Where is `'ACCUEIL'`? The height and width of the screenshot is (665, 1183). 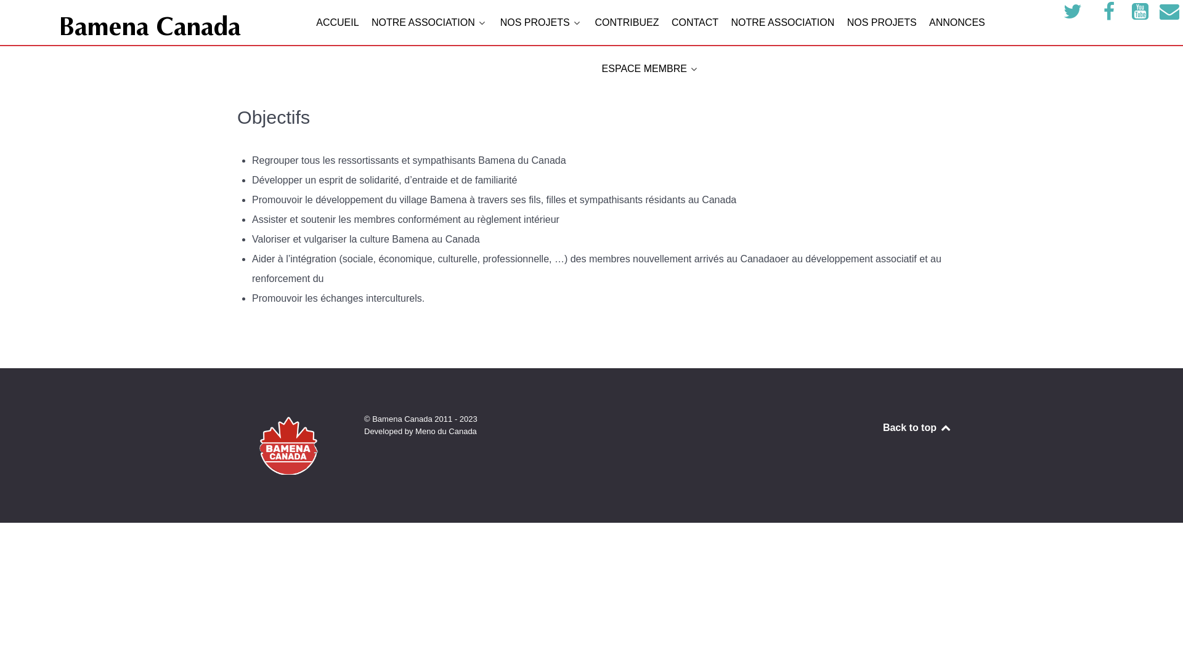
'ACCUEIL' is located at coordinates (316, 23).